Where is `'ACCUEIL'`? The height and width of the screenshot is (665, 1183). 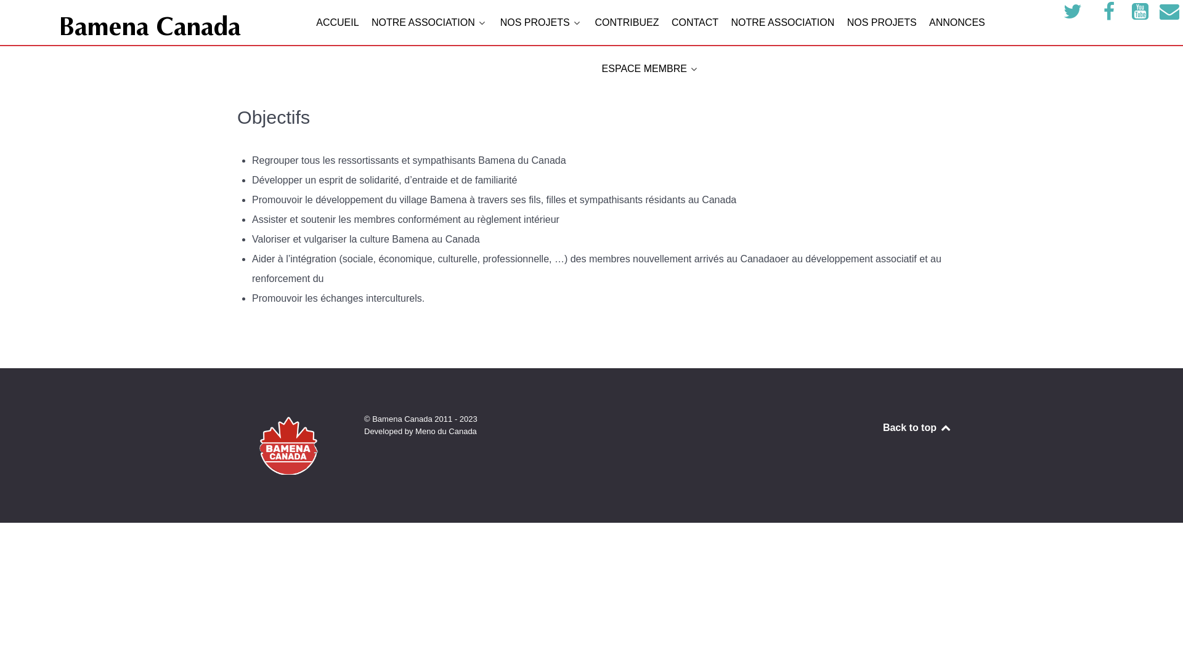
'ACCUEIL' is located at coordinates (316, 23).